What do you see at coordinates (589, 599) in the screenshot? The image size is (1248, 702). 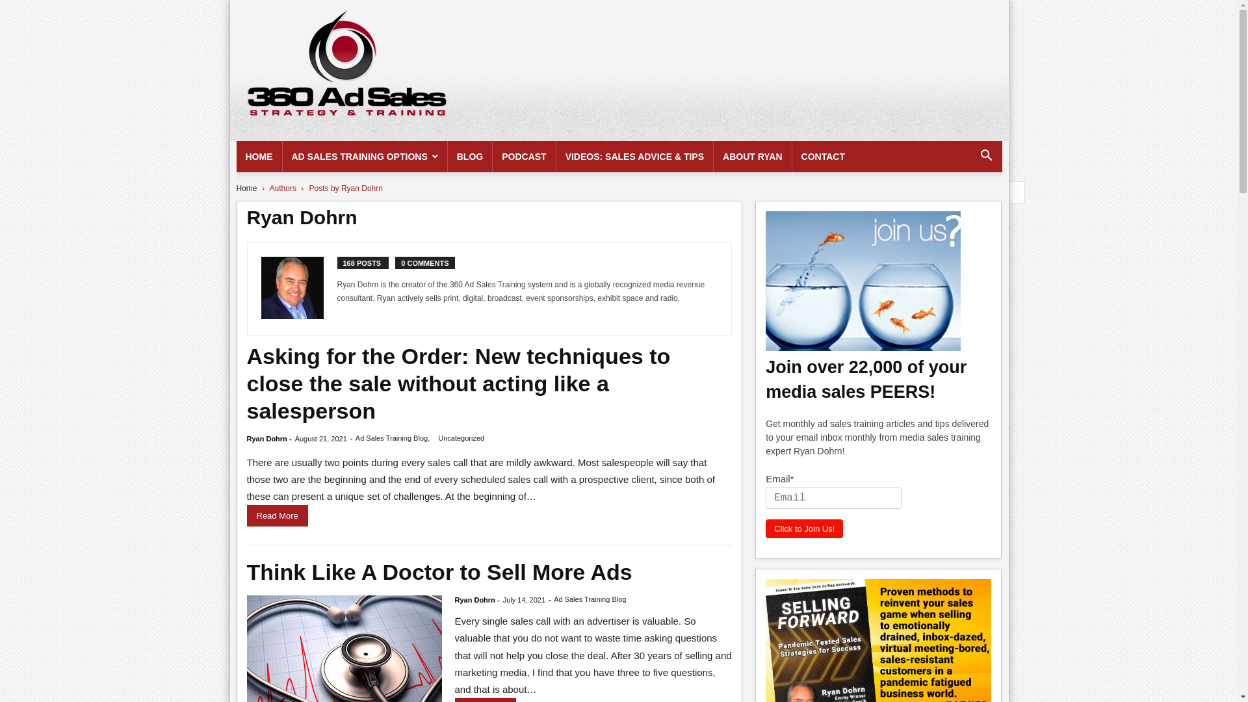 I see `'Ad Sales Training Blog'` at bounding box center [589, 599].